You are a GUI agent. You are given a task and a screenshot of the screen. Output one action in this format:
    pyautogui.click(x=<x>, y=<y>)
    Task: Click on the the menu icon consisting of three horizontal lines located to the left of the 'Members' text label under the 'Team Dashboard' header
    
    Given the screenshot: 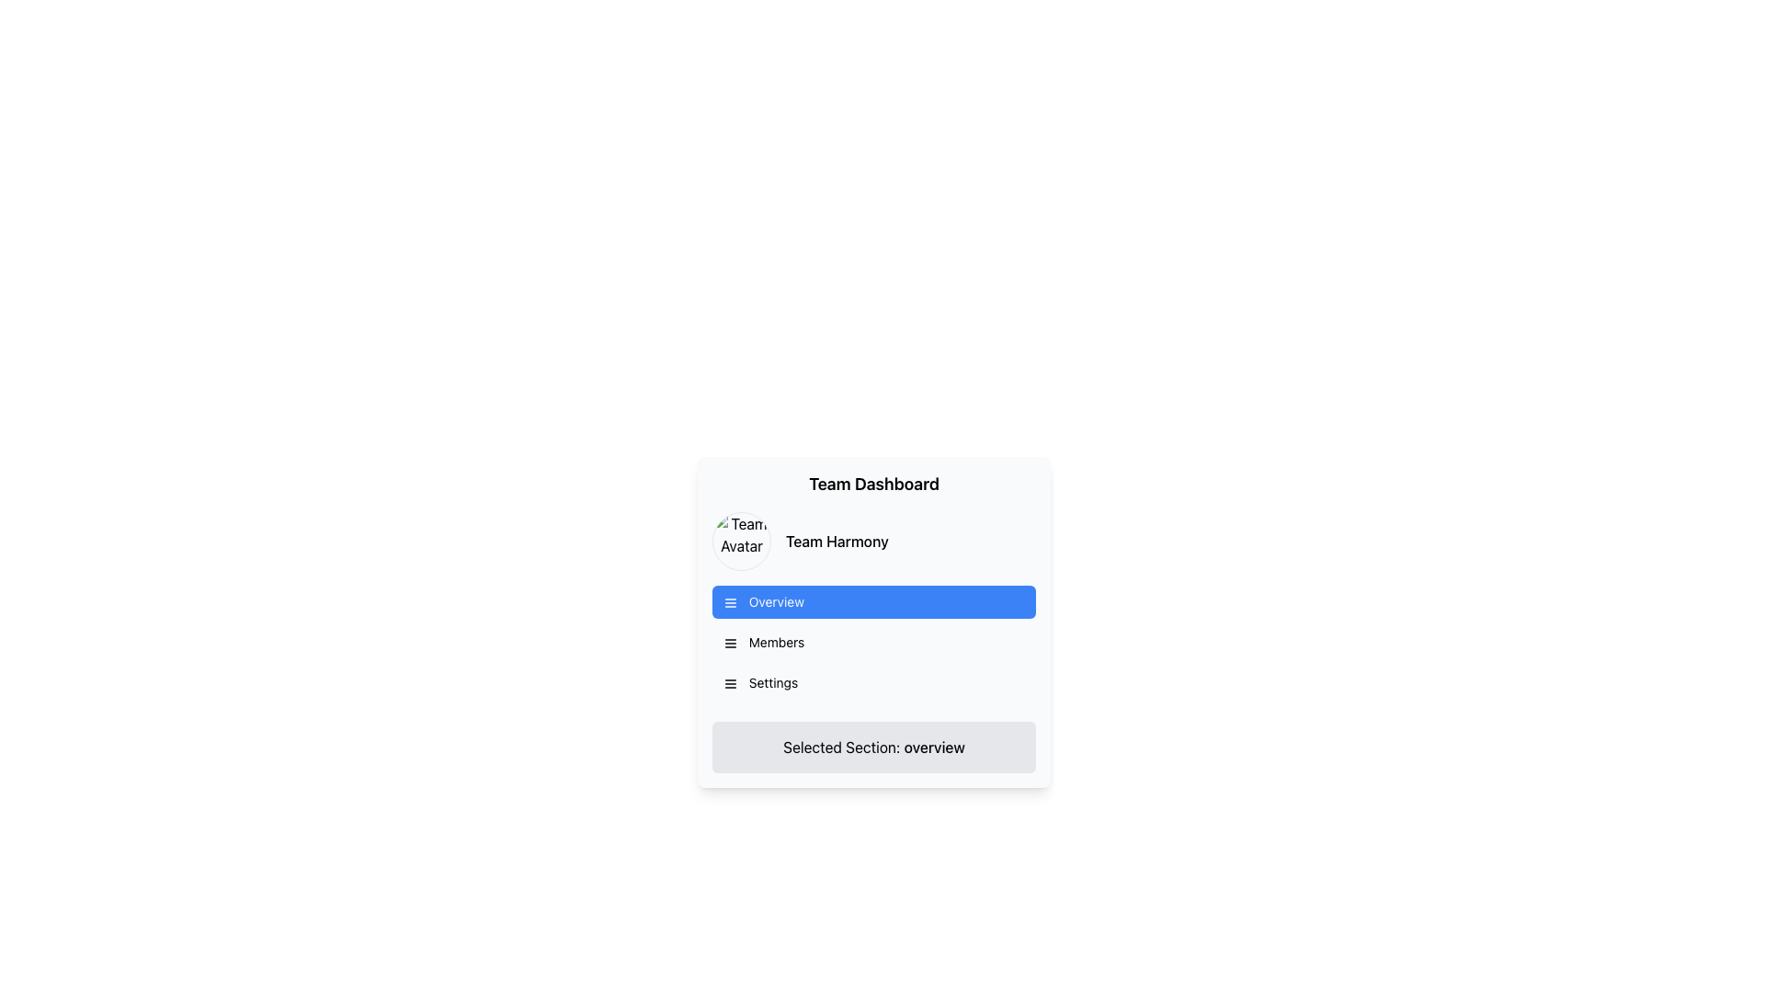 What is the action you would take?
    pyautogui.click(x=730, y=642)
    